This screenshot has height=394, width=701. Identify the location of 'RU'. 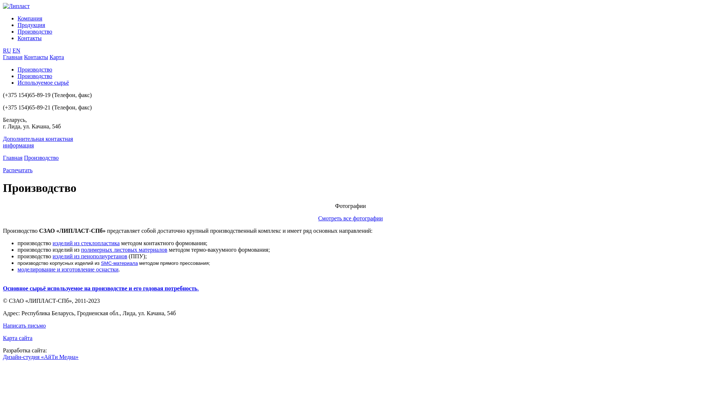
(3, 50).